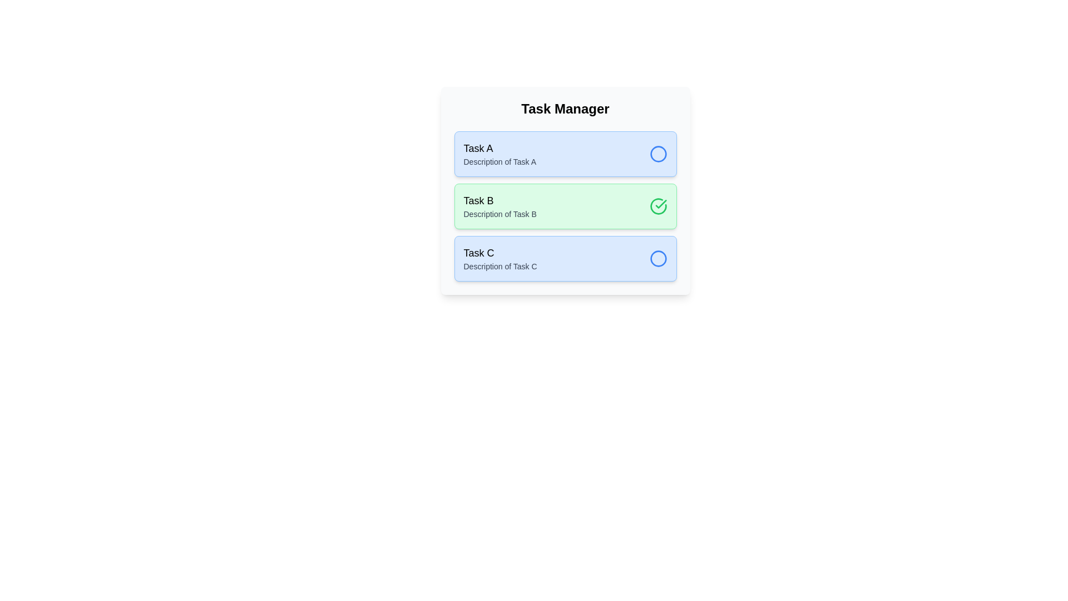 This screenshot has width=1068, height=601. I want to click on the checkmark icon located at the top-right corner of the light green task item labeled 'Task B', which serves as an indicator for the completion or selection status of 'Task B', so click(661, 204).